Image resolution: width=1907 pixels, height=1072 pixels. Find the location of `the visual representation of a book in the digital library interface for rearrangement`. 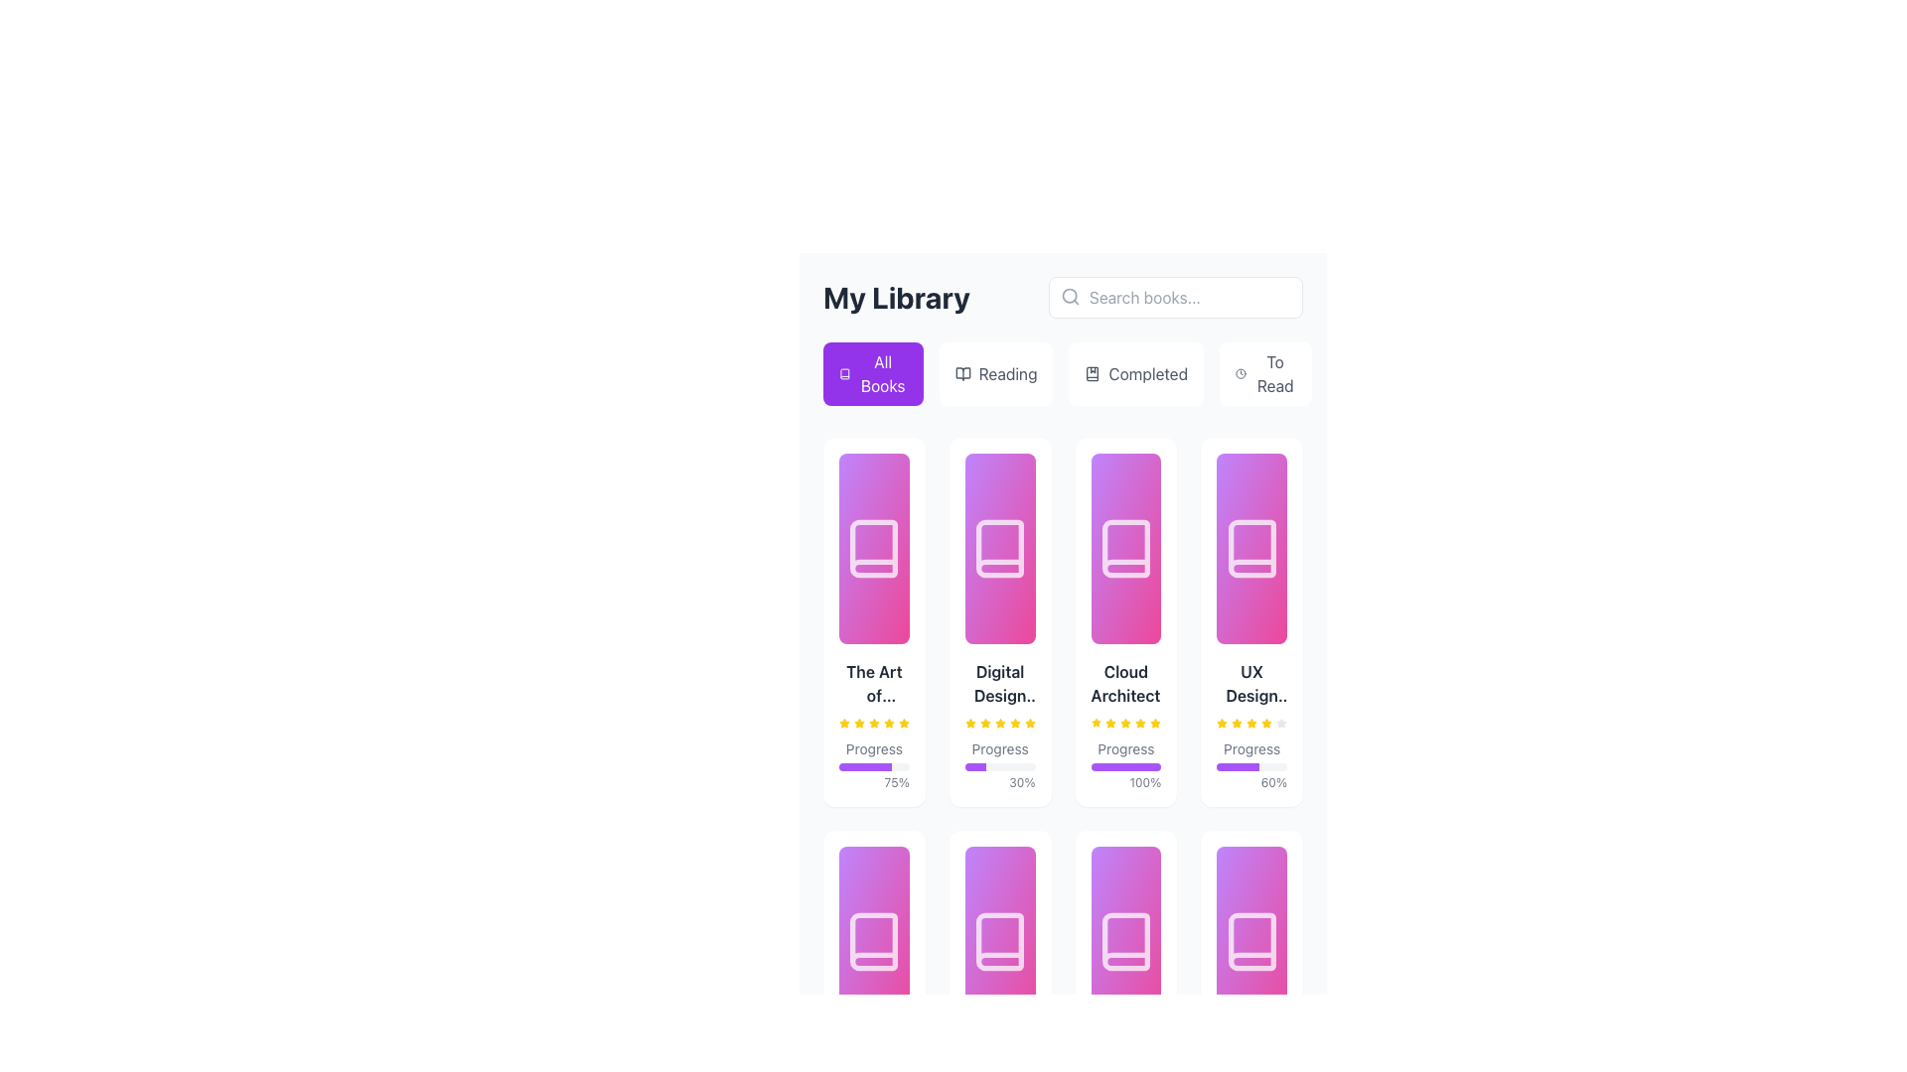

the visual representation of a book in the digital library interface for rearrangement is located at coordinates (1125, 940).